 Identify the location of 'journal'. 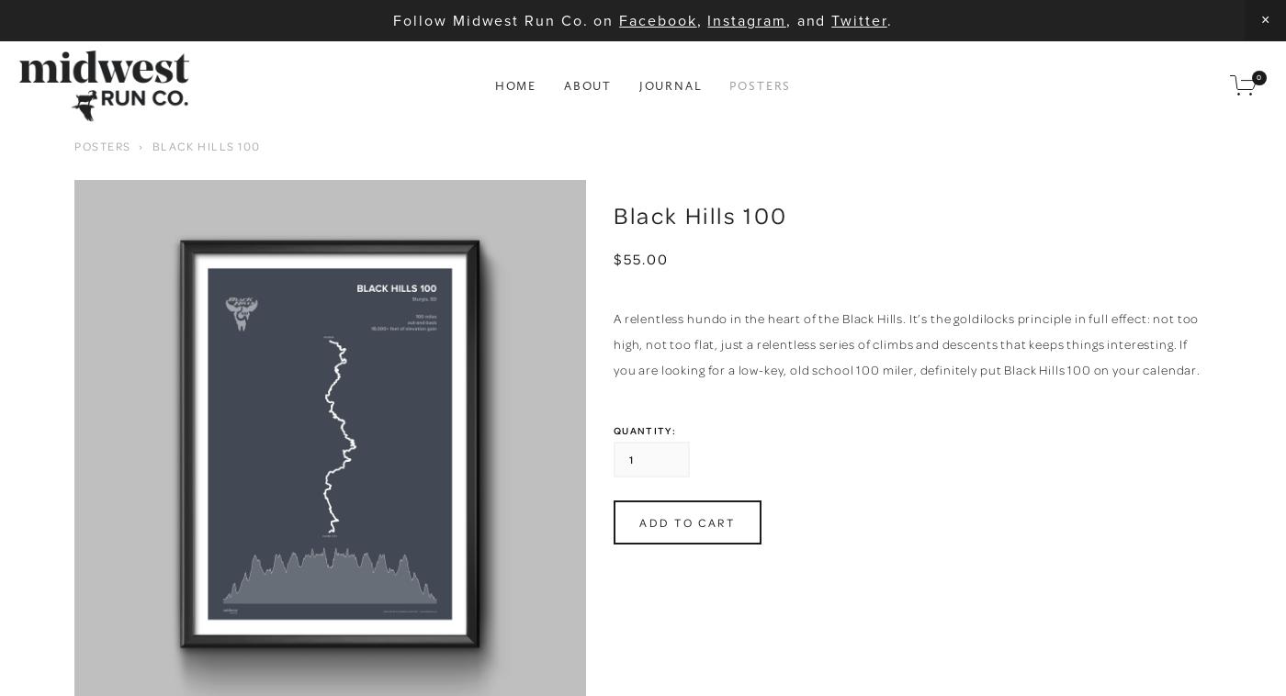
(670, 84).